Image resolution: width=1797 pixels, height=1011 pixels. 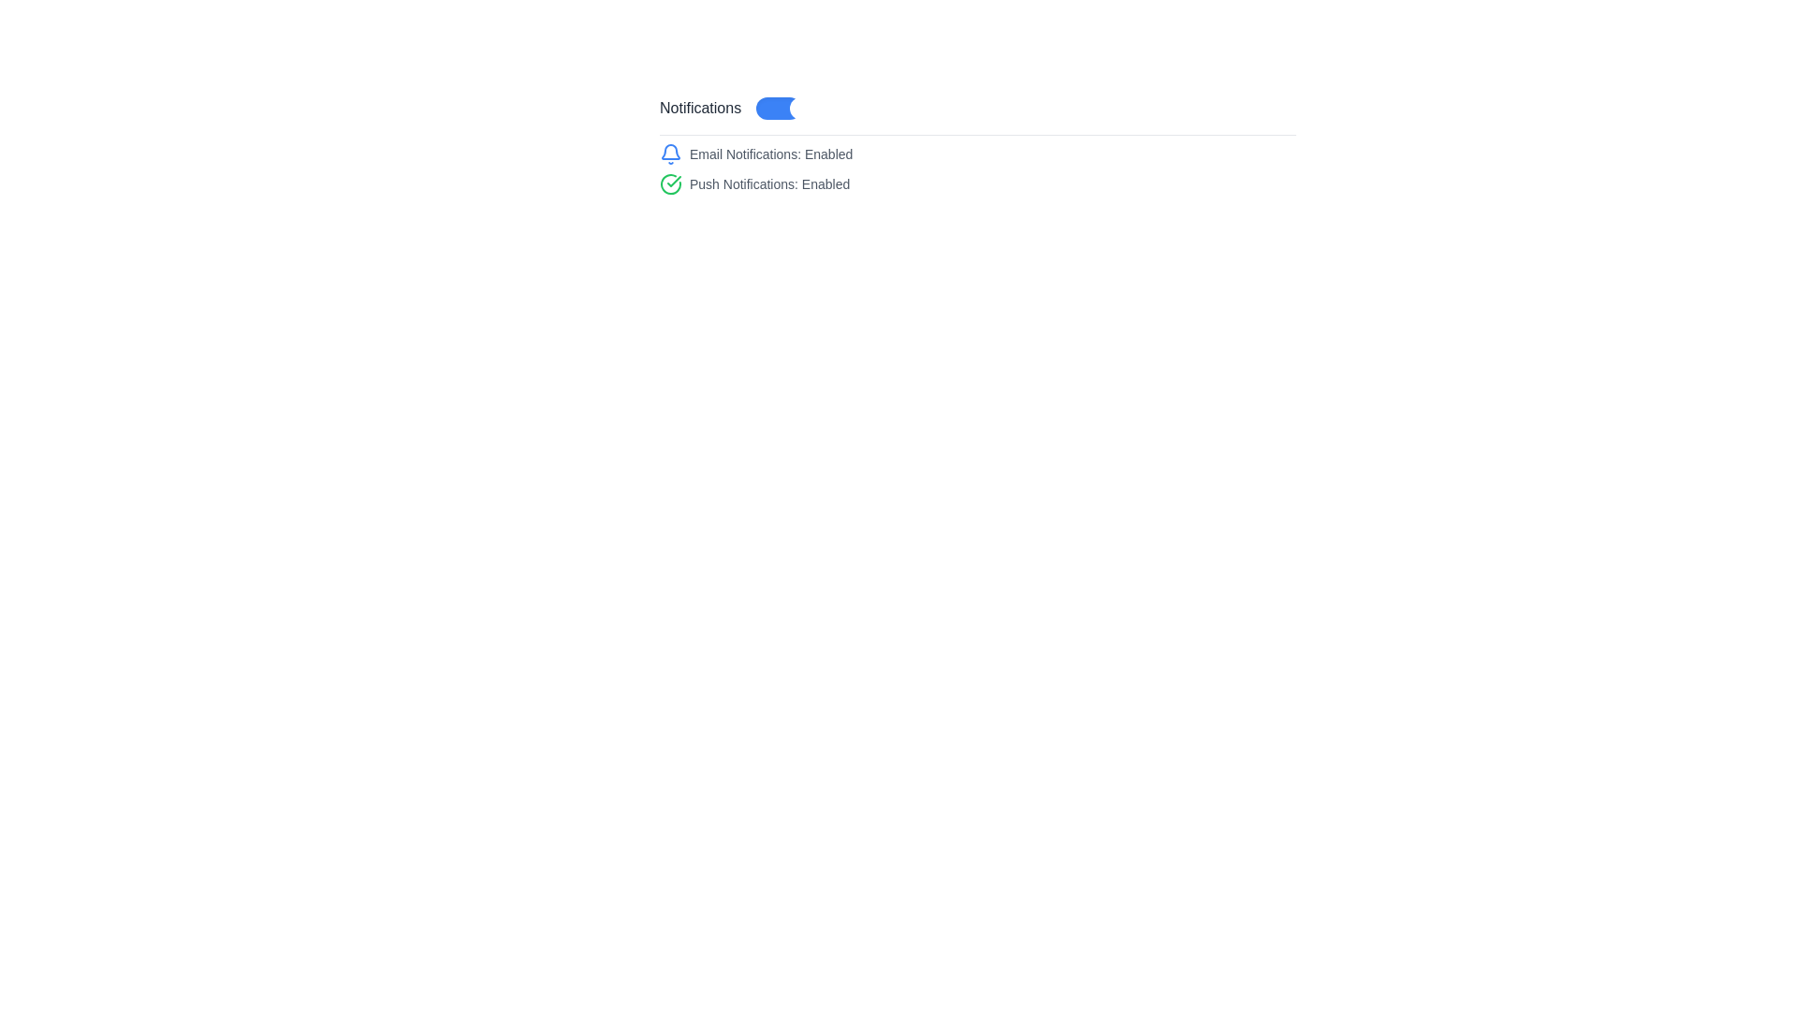 What do you see at coordinates (670, 151) in the screenshot?
I see `the bell icon component representing notifications, which is positioned to the left of the 'Email Notifications: Enabled' text` at bounding box center [670, 151].